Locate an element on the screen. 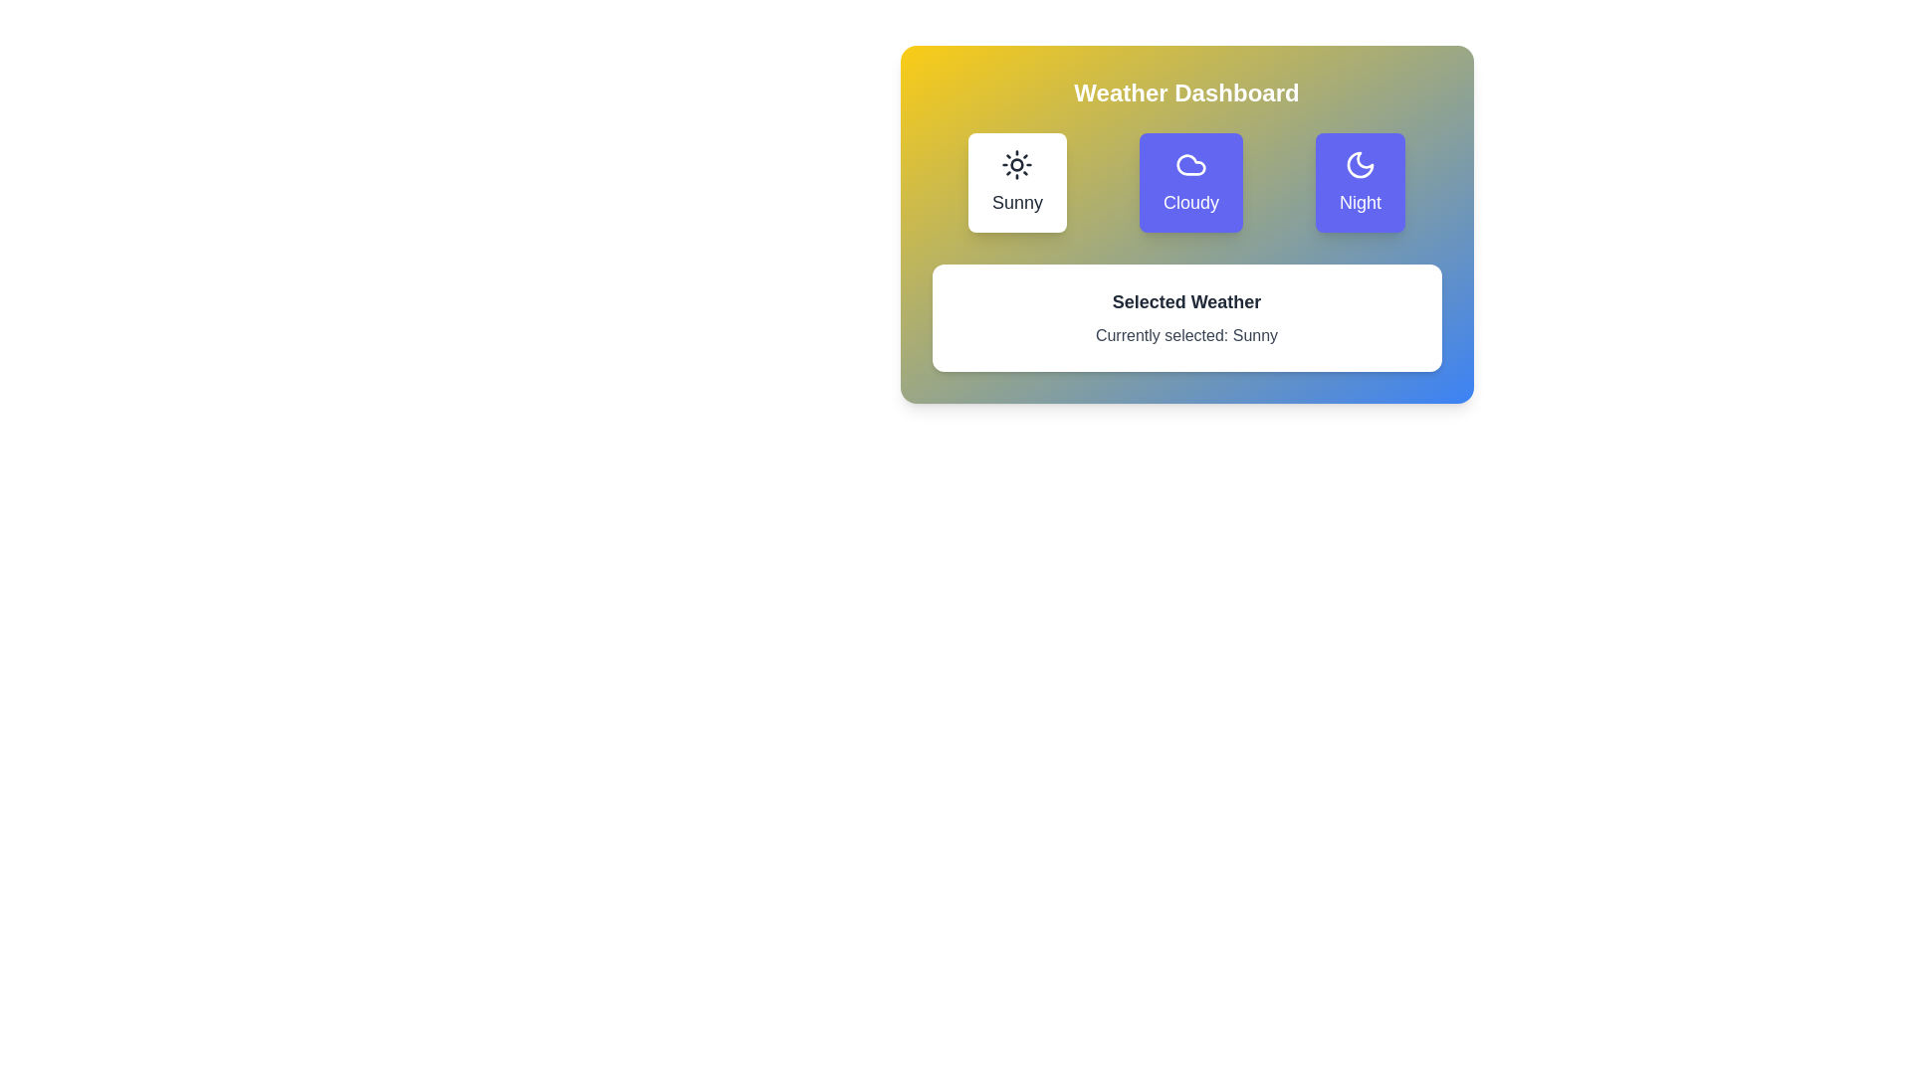  the text label reading 'Night', which is styled with medium font weight and large size, located beneath a crescent moon icon is located at coordinates (1360, 203).